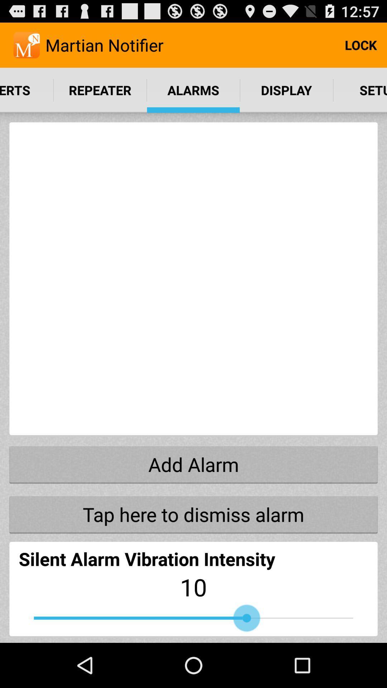  Describe the element at coordinates (360, 44) in the screenshot. I see `the item to the right of martian notifier item` at that location.